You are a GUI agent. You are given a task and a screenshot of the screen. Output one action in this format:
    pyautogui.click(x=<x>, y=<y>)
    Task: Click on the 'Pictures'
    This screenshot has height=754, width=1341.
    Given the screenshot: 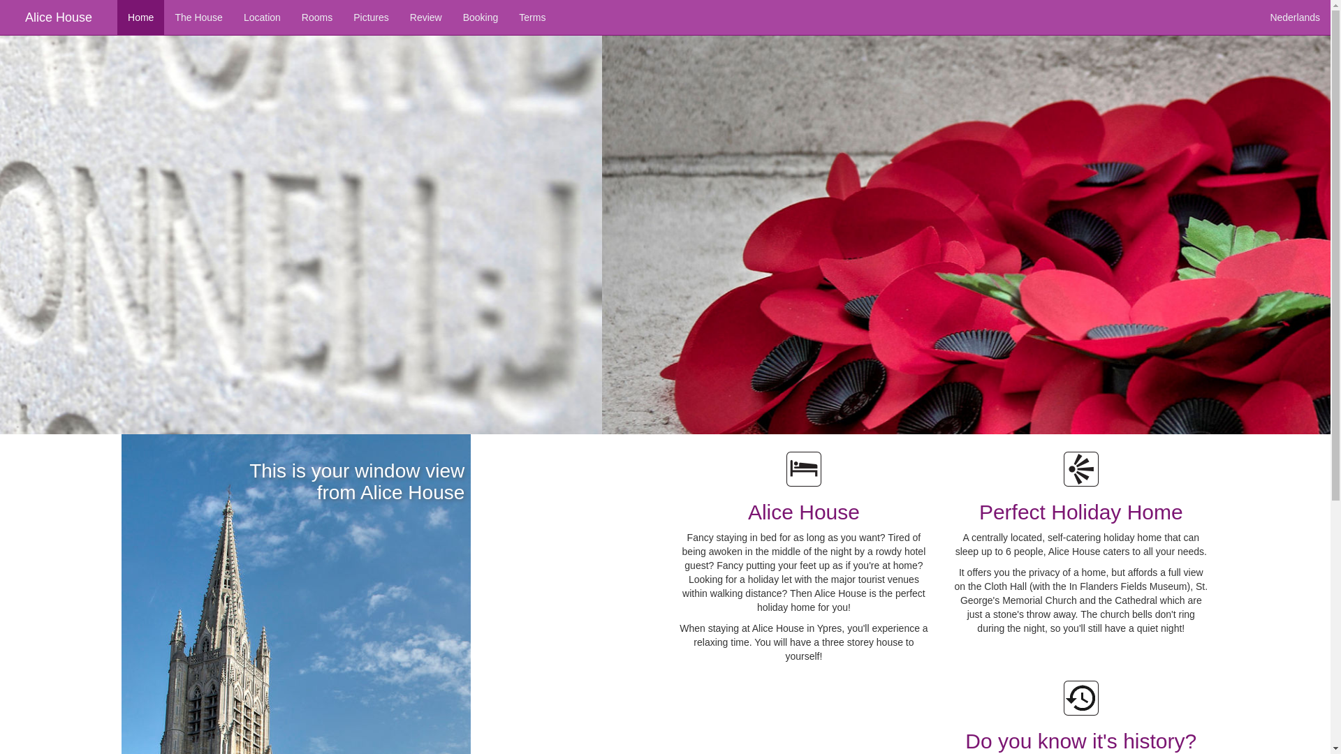 What is the action you would take?
    pyautogui.click(x=371, y=17)
    